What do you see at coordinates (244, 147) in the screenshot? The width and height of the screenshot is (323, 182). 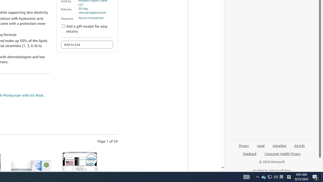 I see `'Privacy'` at bounding box center [244, 147].